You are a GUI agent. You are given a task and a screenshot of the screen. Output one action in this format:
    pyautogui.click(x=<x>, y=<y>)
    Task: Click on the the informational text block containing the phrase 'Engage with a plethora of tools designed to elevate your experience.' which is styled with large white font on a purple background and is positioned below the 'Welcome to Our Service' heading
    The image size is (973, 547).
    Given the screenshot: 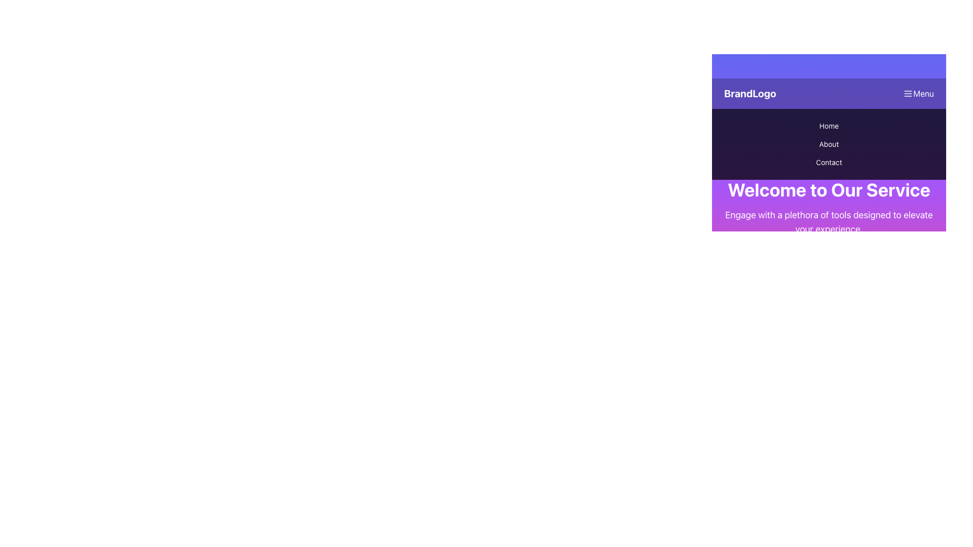 What is the action you would take?
    pyautogui.click(x=829, y=222)
    